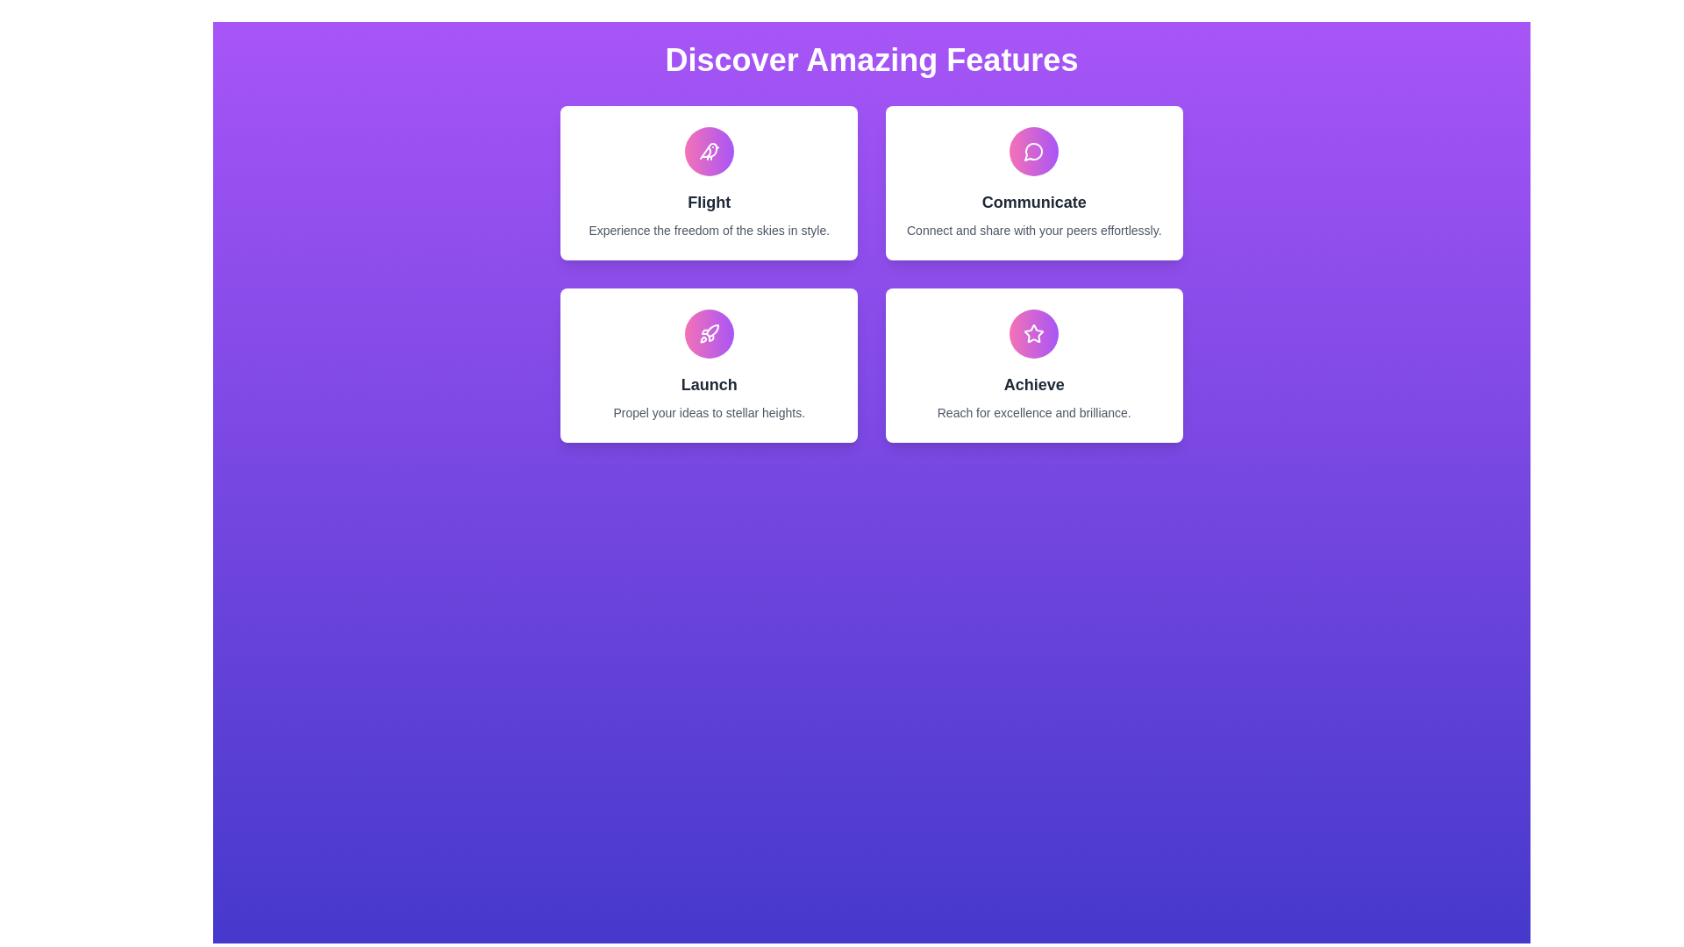 This screenshot has width=1684, height=947. What do you see at coordinates (1034, 412) in the screenshot?
I see `the descriptive text element located at the bottom section of the white card associated with the 'Achieve' feature, which is directly underneath the 'Achieve' heading` at bounding box center [1034, 412].